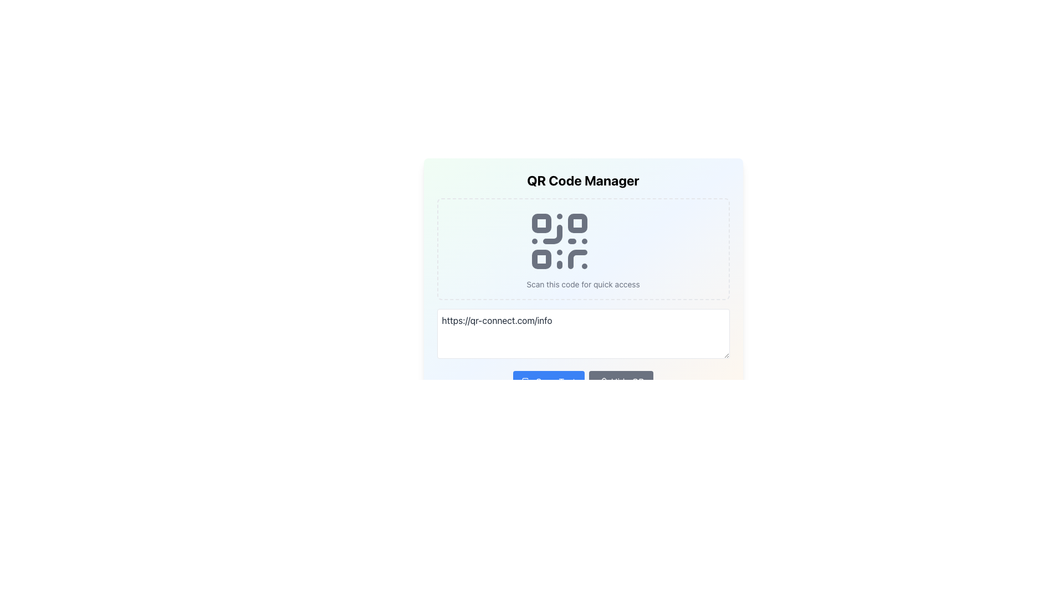  Describe the element at coordinates (549, 382) in the screenshot. I see `the 'Copy Text' button, which has a blue background, rounded corners, and white text with a clipboard icon on the left` at that location.